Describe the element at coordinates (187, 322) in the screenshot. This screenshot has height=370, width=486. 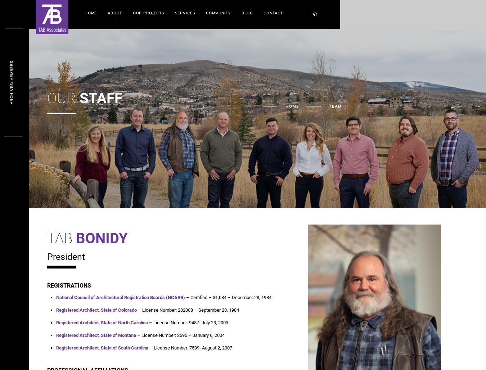
I see `'– License Number: 9487- July 23, 2003'` at that location.